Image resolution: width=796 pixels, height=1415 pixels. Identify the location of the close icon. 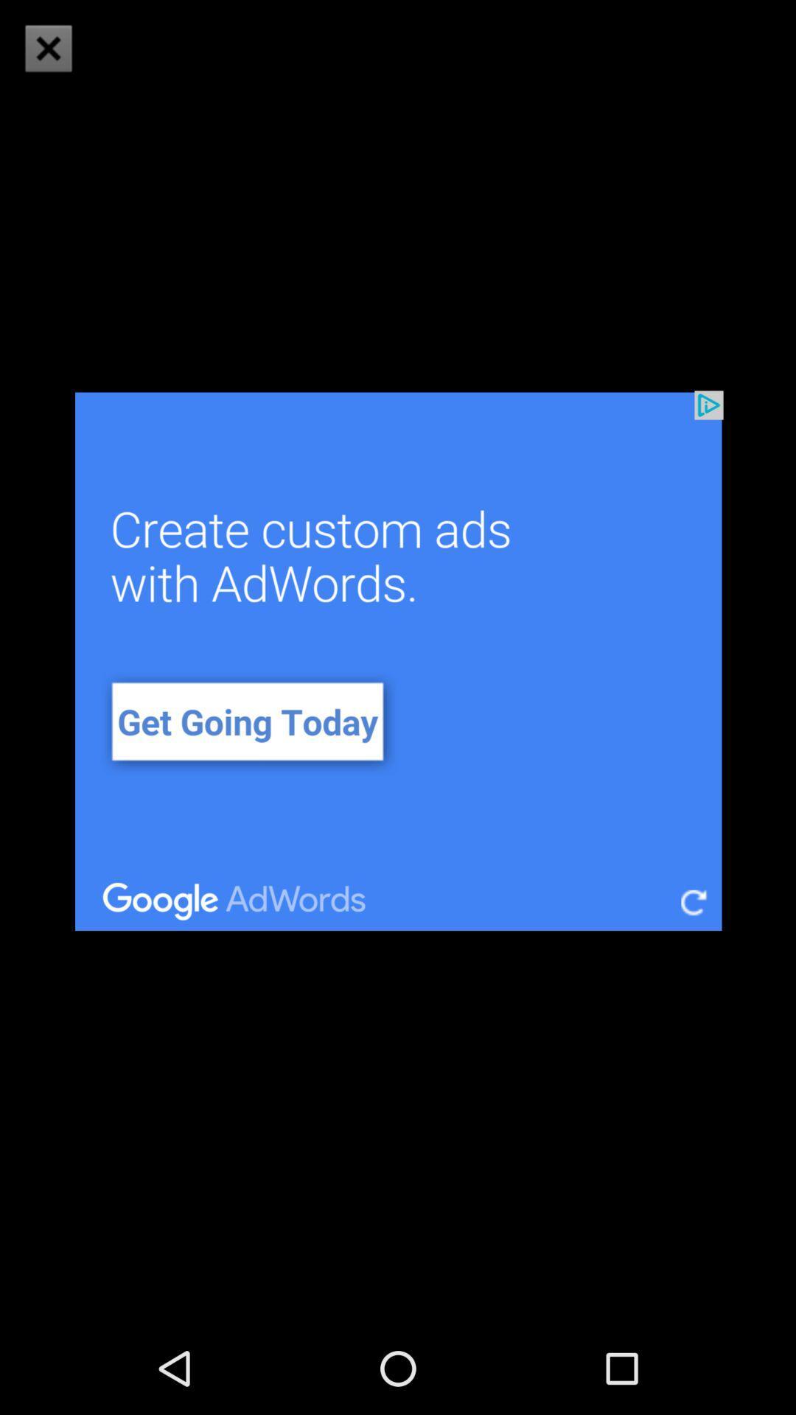
(47, 52).